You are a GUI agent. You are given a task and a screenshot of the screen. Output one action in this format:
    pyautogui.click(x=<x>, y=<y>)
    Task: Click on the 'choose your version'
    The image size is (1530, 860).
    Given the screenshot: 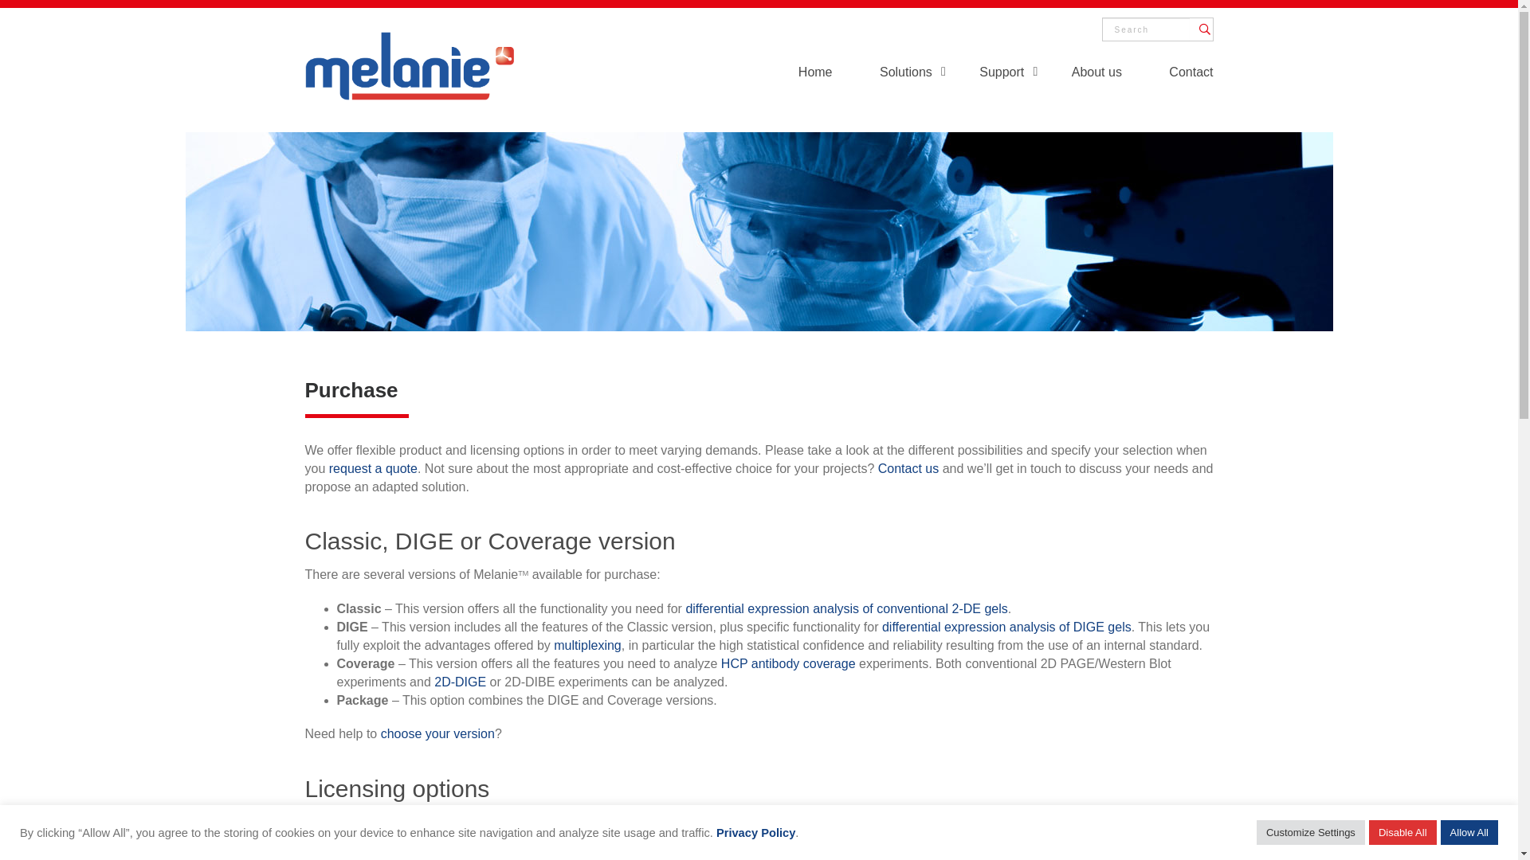 What is the action you would take?
    pyautogui.click(x=380, y=733)
    